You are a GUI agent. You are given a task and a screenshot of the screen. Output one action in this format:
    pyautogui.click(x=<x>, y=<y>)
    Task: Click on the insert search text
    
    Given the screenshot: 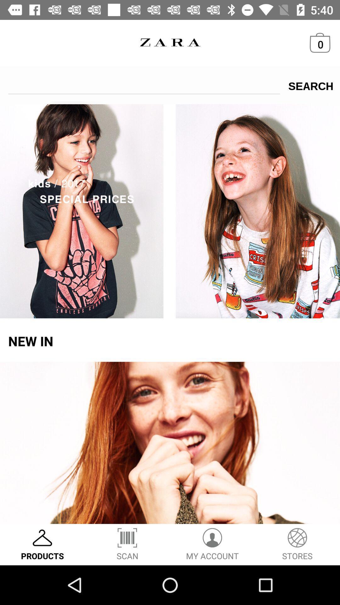 What is the action you would take?
    pyautogui.click(x=144, y=84)
    